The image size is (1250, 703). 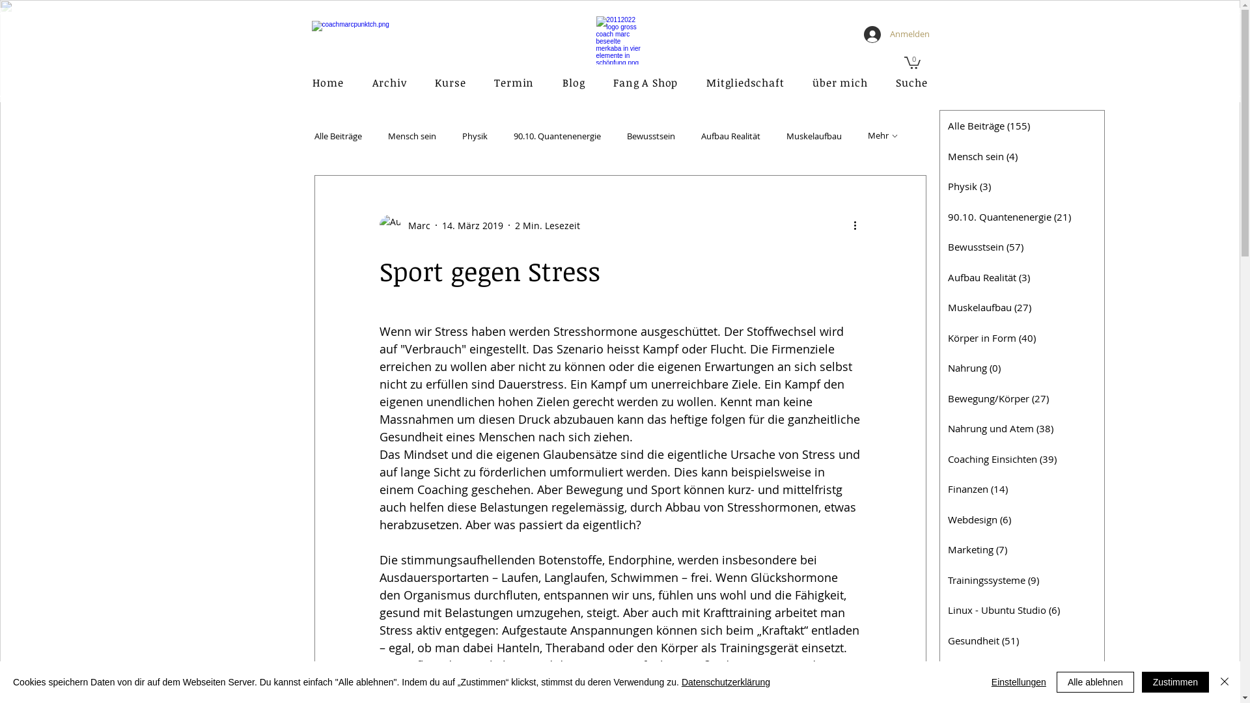 What do you see at coordinates (1021, 670) in the screenshot?
I see `'Meditation (15)'` at bounding box center [1021, 670].